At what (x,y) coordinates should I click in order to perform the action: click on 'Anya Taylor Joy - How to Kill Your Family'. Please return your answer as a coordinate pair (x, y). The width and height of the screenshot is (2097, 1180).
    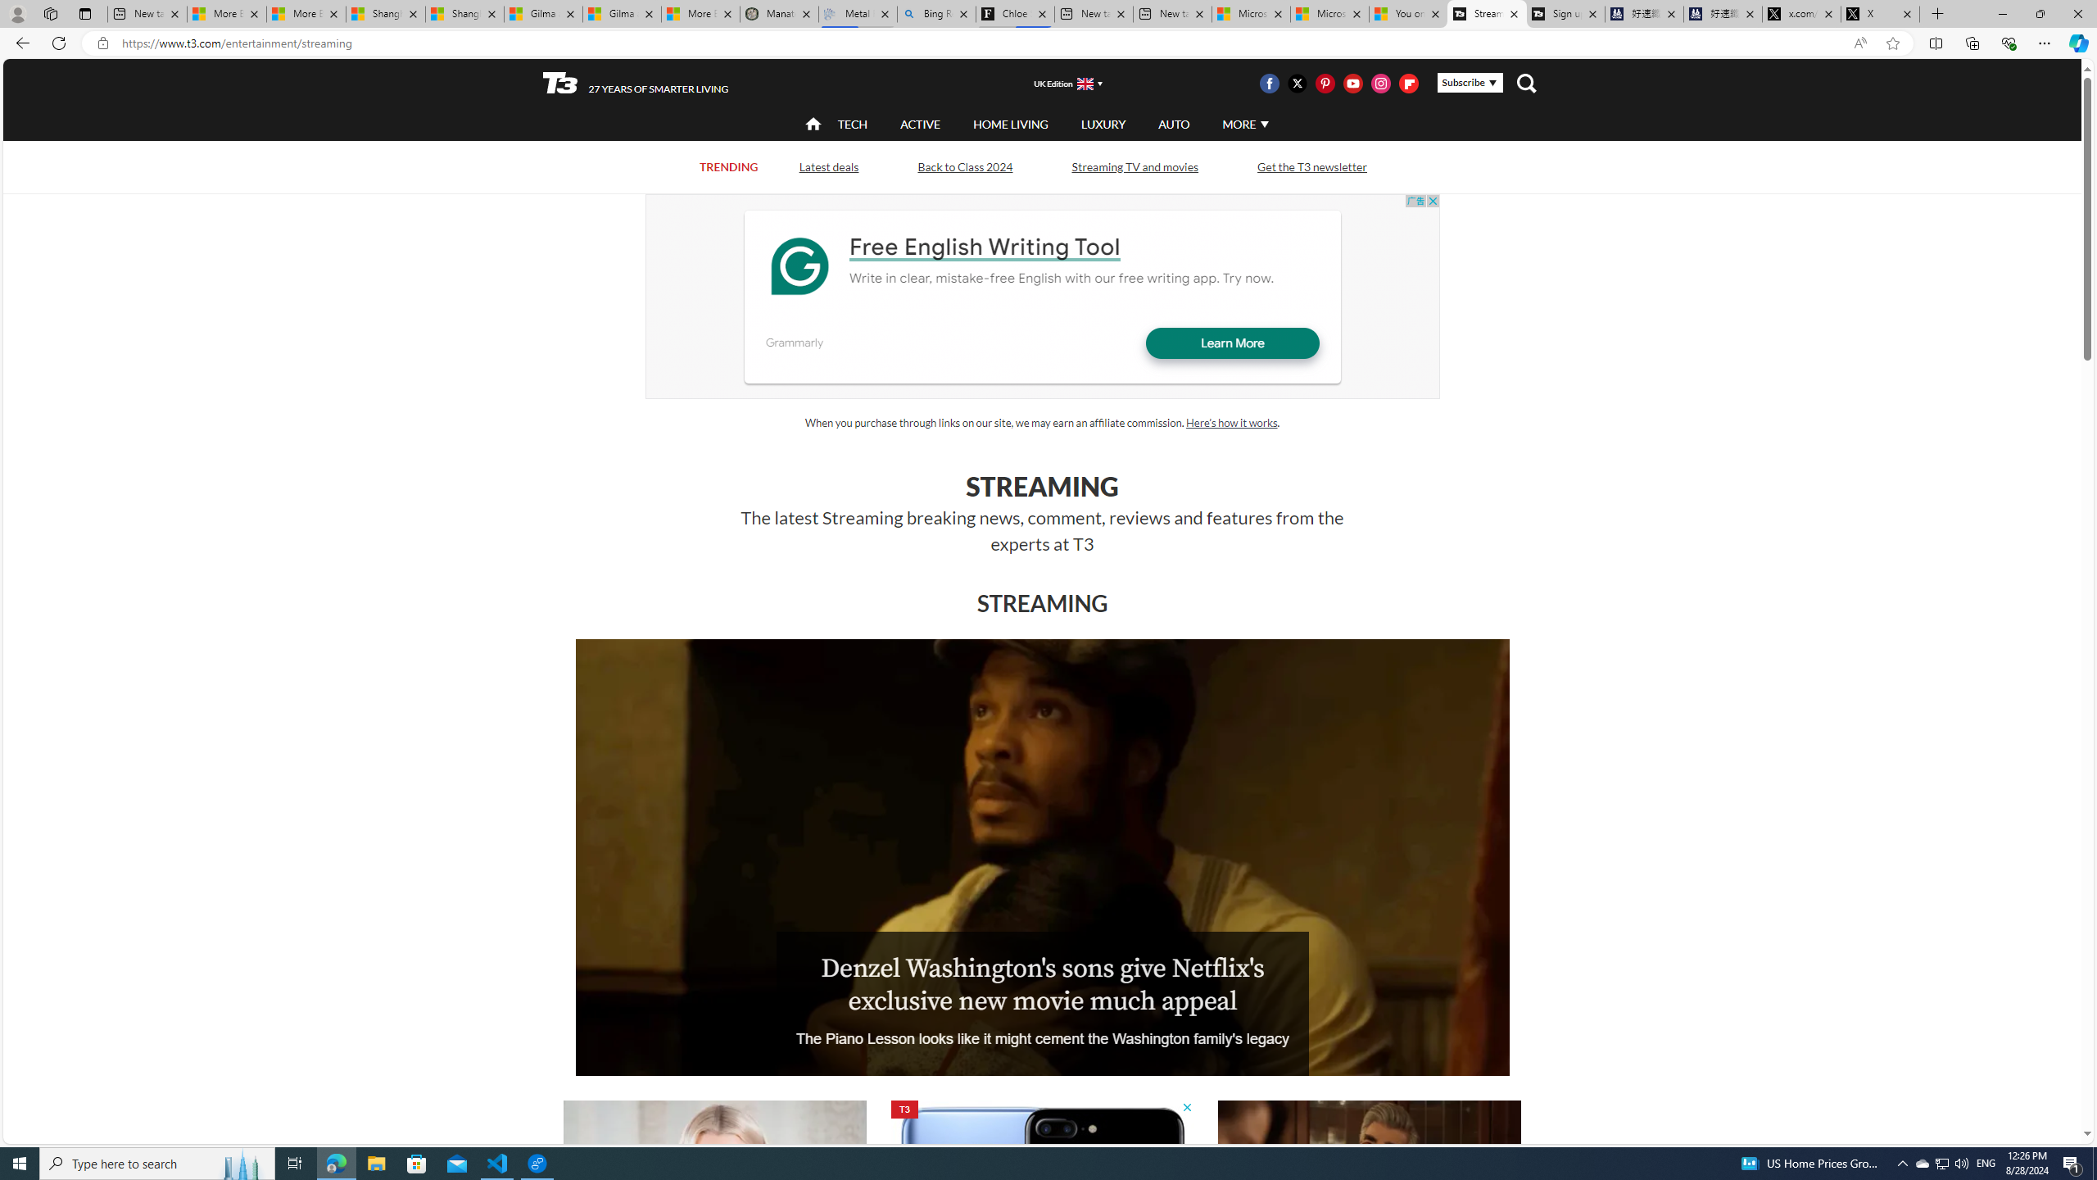
    Looking at the image, I should click on (713, 1180).